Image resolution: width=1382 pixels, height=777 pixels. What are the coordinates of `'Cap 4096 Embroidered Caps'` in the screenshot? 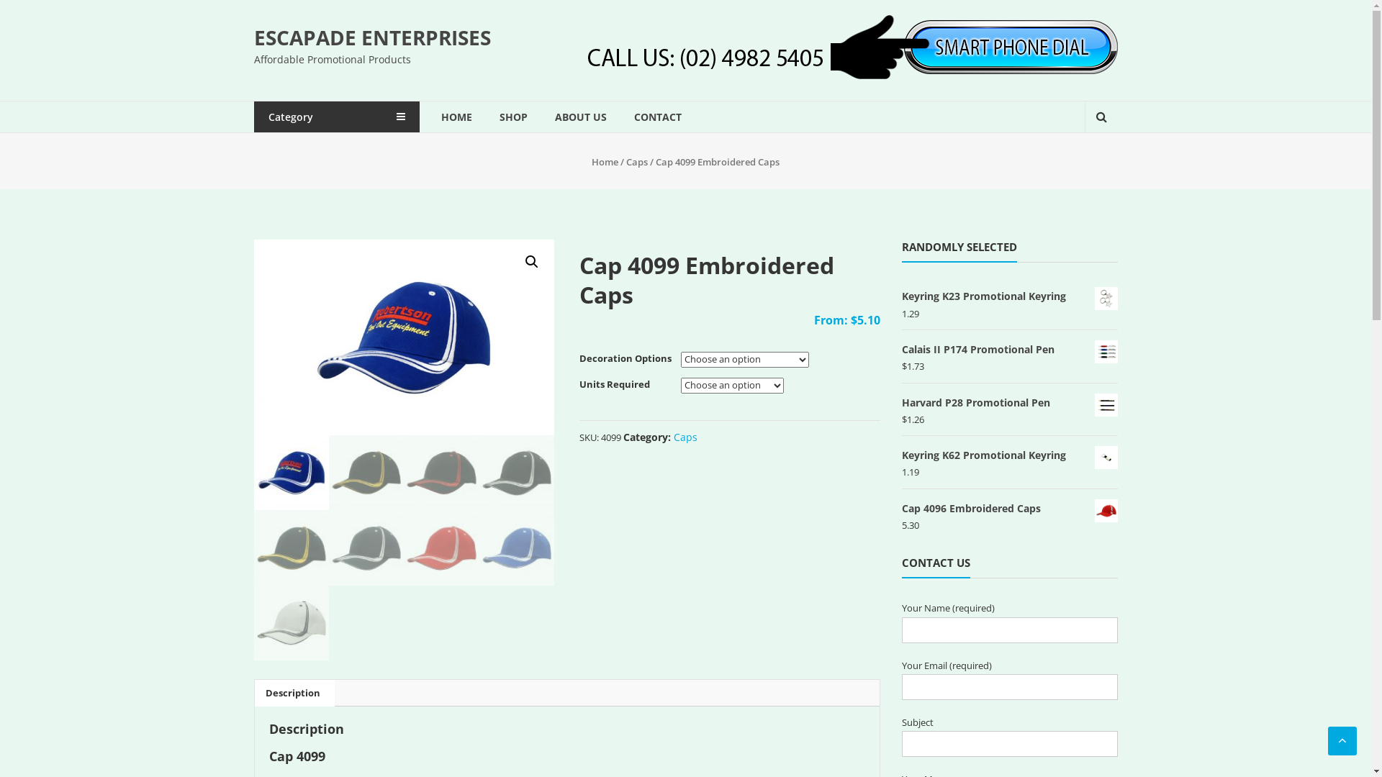 It's located at (1008, 507).